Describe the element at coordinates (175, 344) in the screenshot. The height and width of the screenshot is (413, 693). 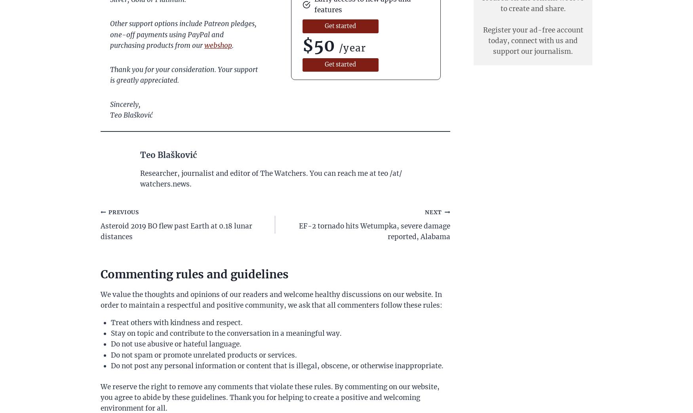
I see `'Do not use abusive or hateful language.'` at that location.